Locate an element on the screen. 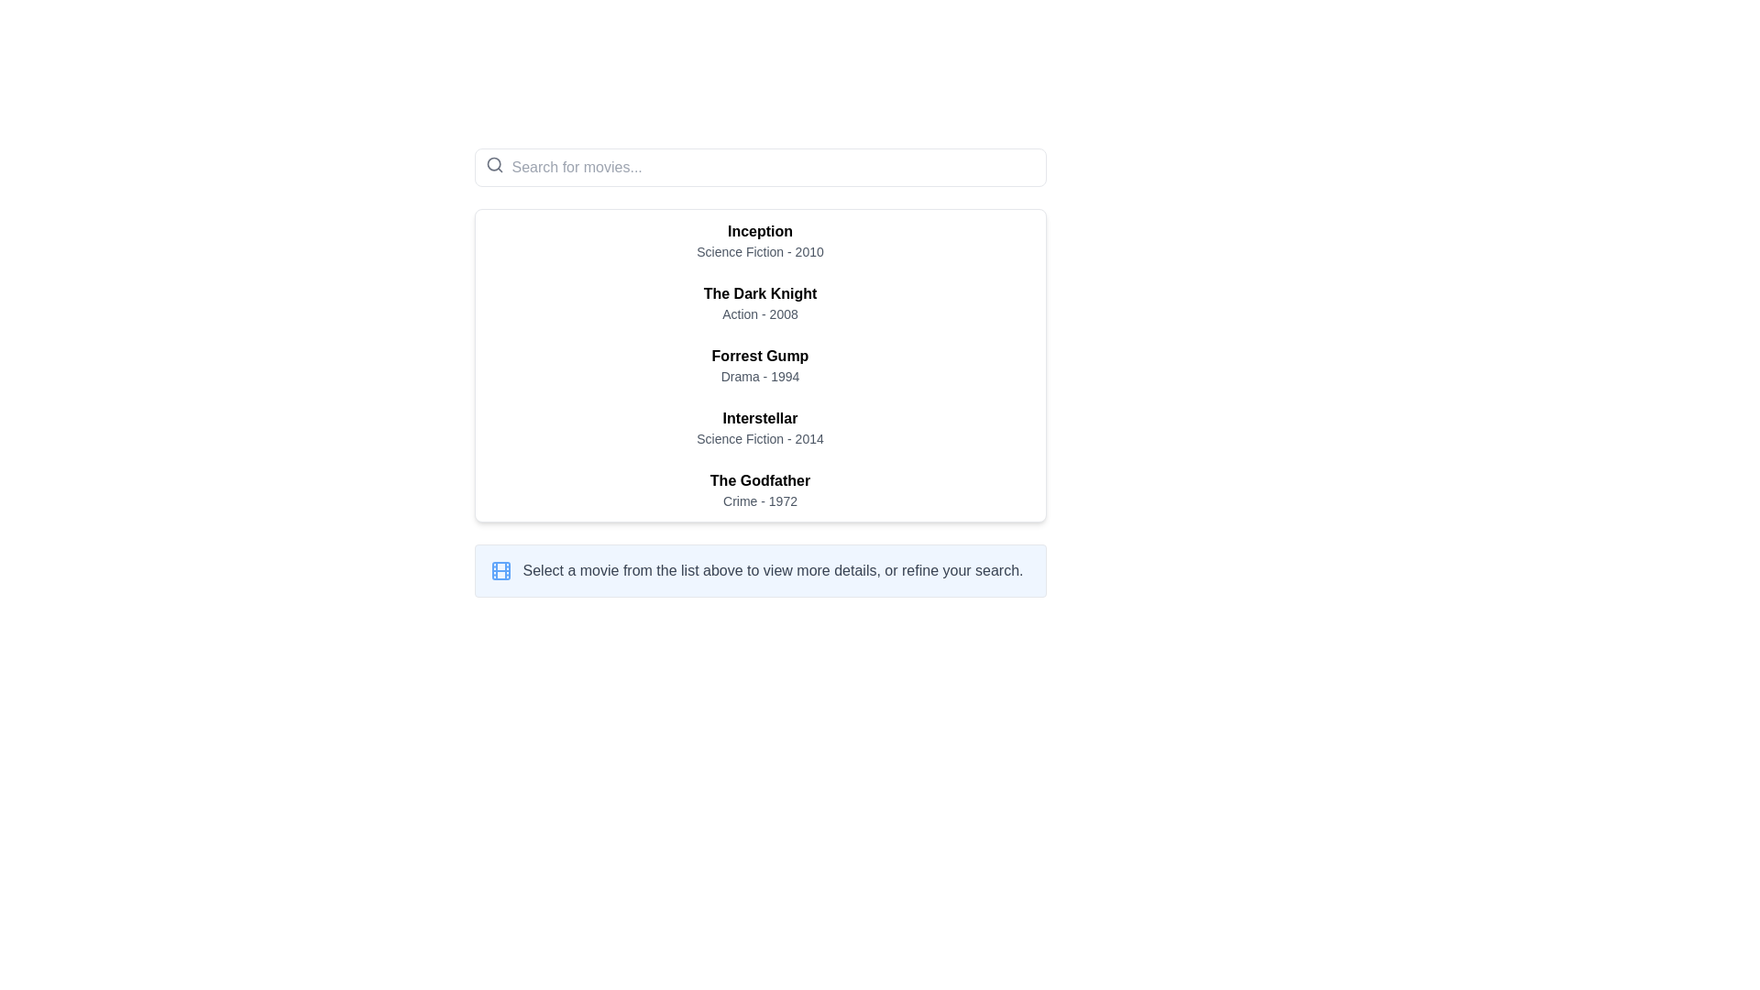 This screenshot has width=1760, height=990. the title text label of the movie 'Forrest Gump' in the selection list is located at coordinates (760, 357).